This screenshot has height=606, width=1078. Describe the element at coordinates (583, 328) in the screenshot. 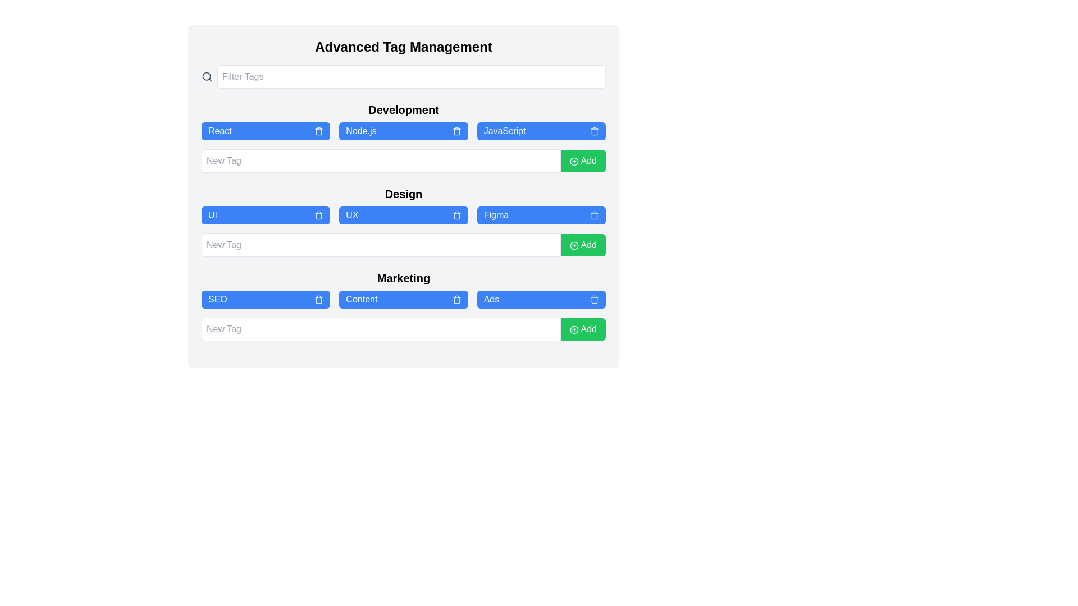

I see `the green 'Add' button with rounded corners located in the 'Marketing' section` at that location.